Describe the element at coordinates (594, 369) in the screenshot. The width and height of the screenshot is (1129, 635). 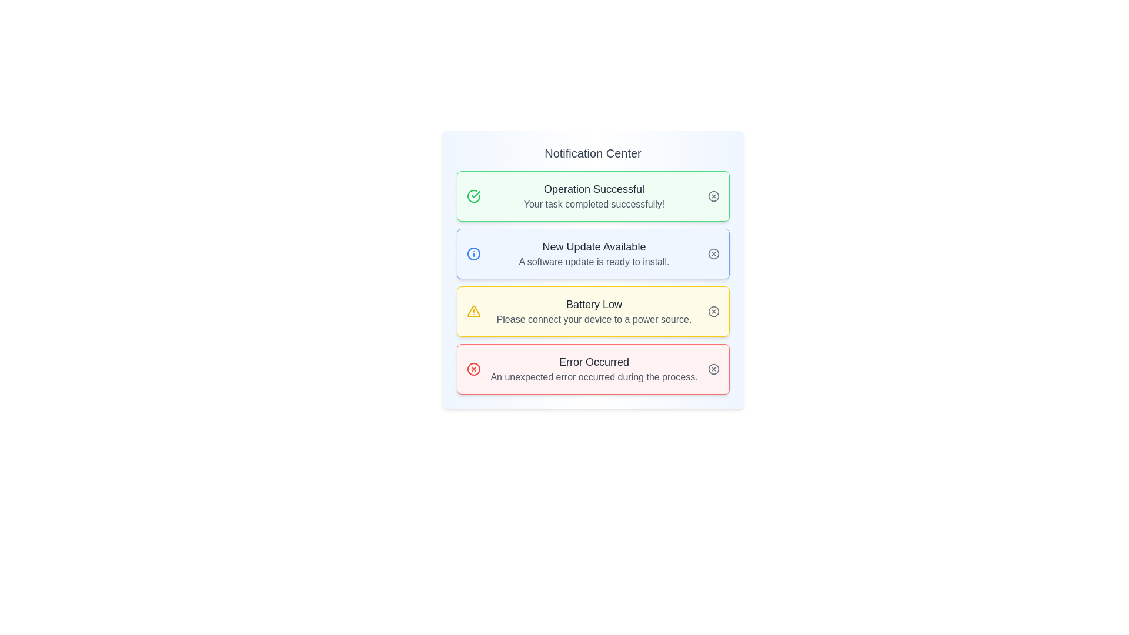
I see `the error notification message text block, which is the fourth item in a vertically stacked notification list with a red background` at that location.